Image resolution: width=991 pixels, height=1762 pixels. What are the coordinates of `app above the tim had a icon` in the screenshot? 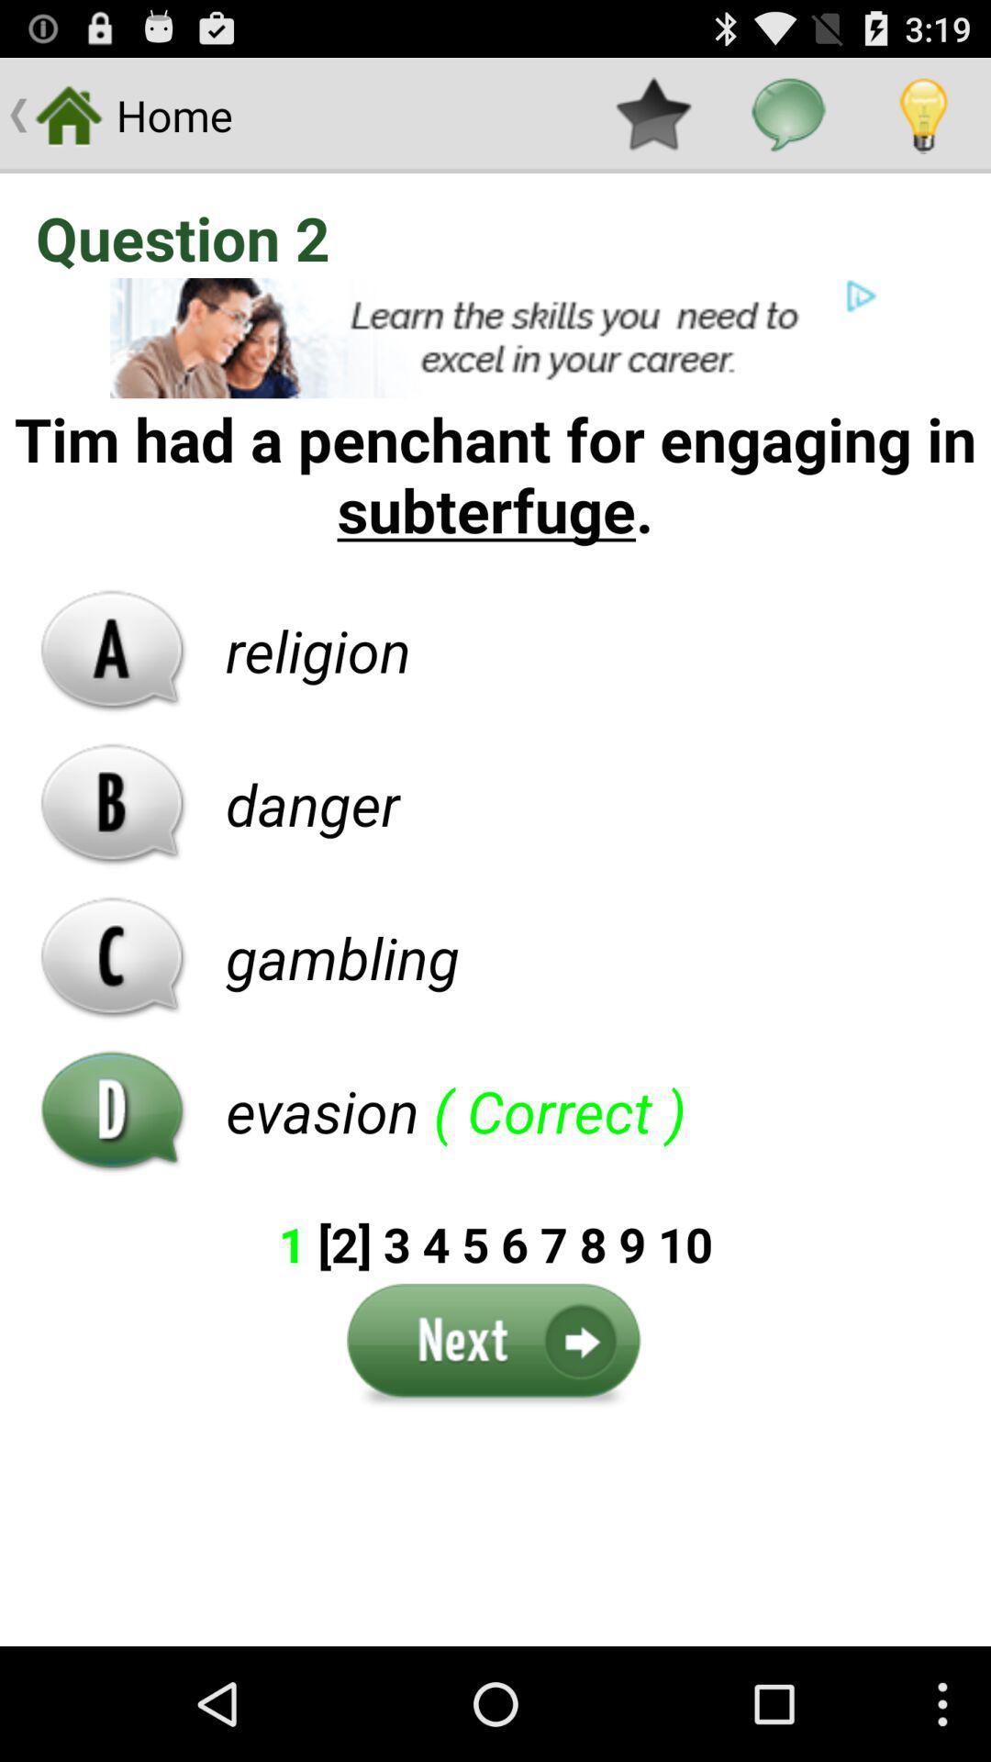 It's located at (495, 338).